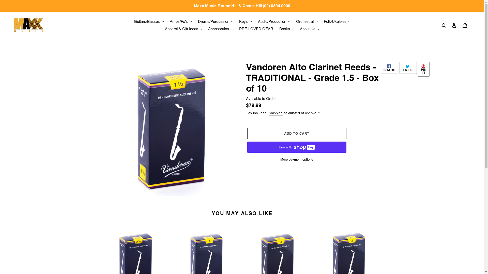 This screenshot has height=274, width=488. What do you see at coordinates (337, 21) in the screenshot?
I see `'Folk/Ukuleles'` at bounding box center [337, 21].